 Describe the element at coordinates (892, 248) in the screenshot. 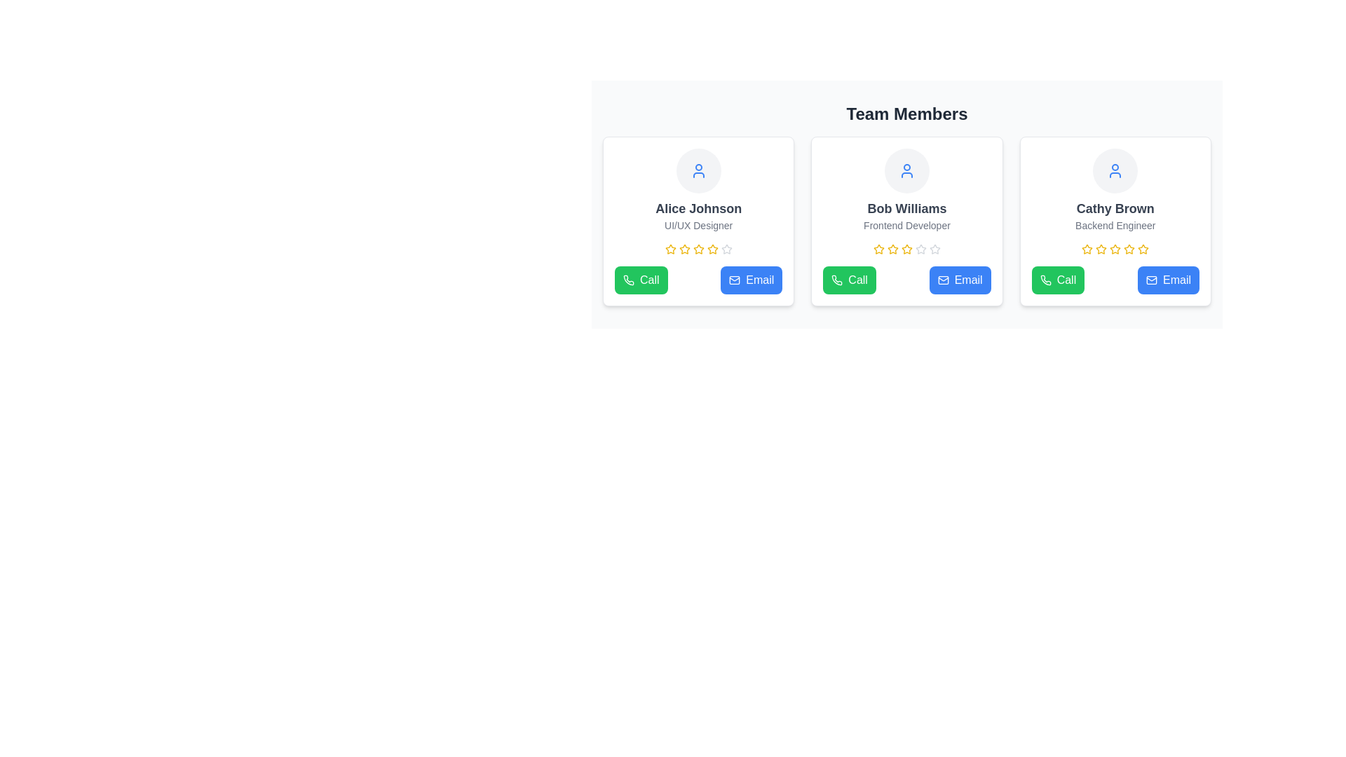

I see `the third star icon in the rating indicator for 'Bob Williams' to adjust the rating` at that location.